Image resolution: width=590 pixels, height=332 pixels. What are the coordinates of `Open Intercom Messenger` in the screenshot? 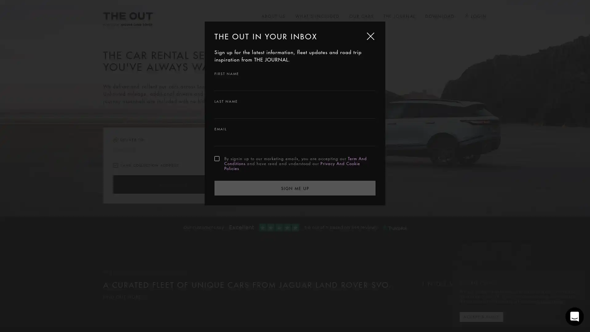 It's located at (574, 316).